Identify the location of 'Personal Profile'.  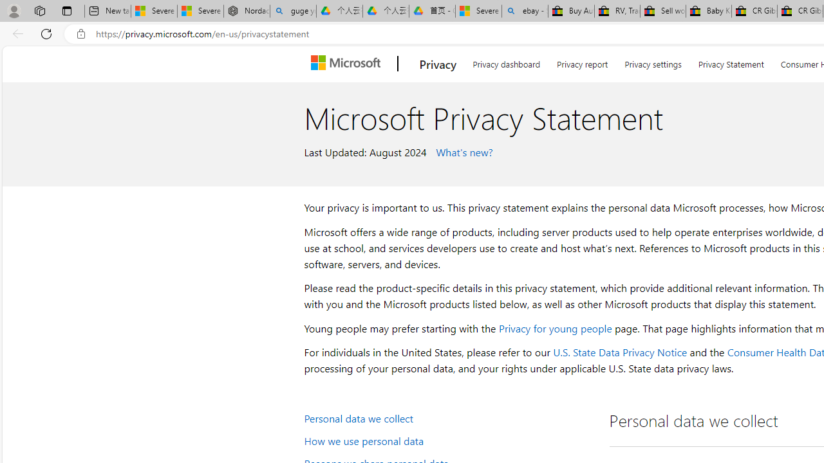
(14, 10).